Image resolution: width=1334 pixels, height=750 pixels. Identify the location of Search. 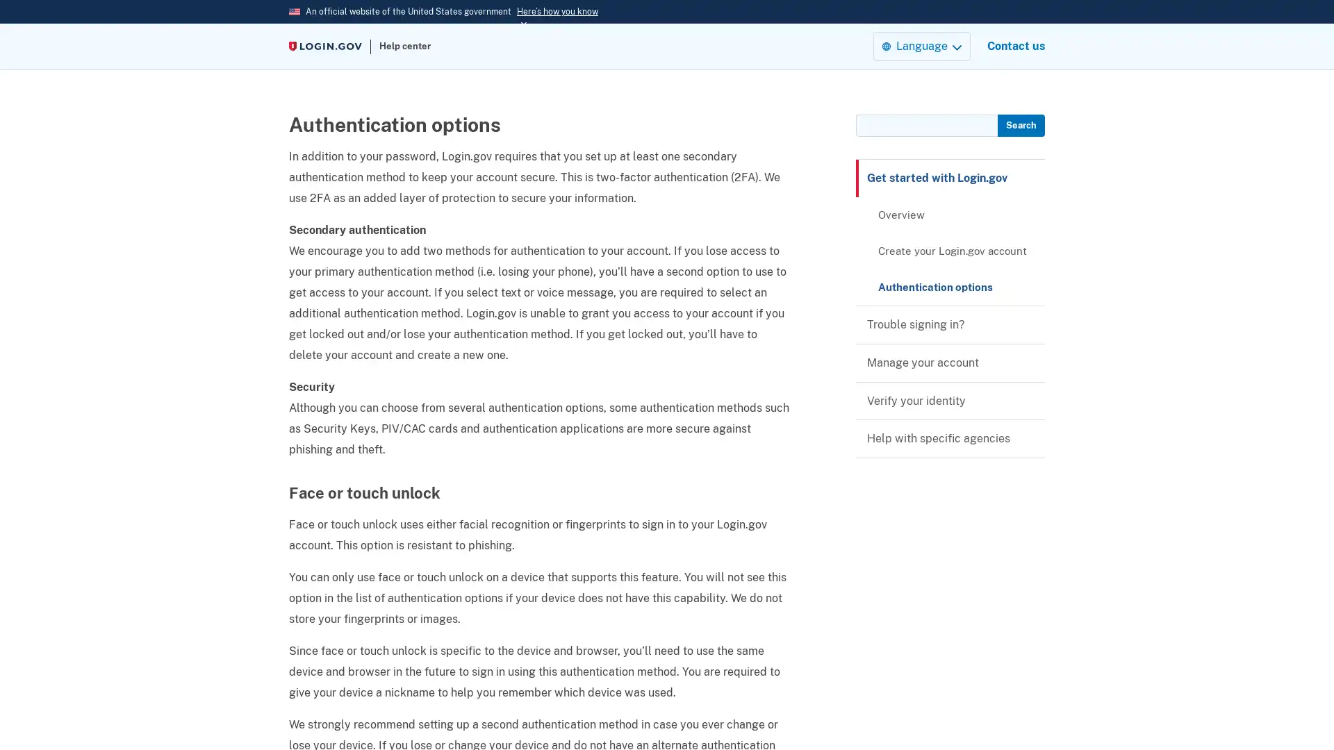
(1020, 126).